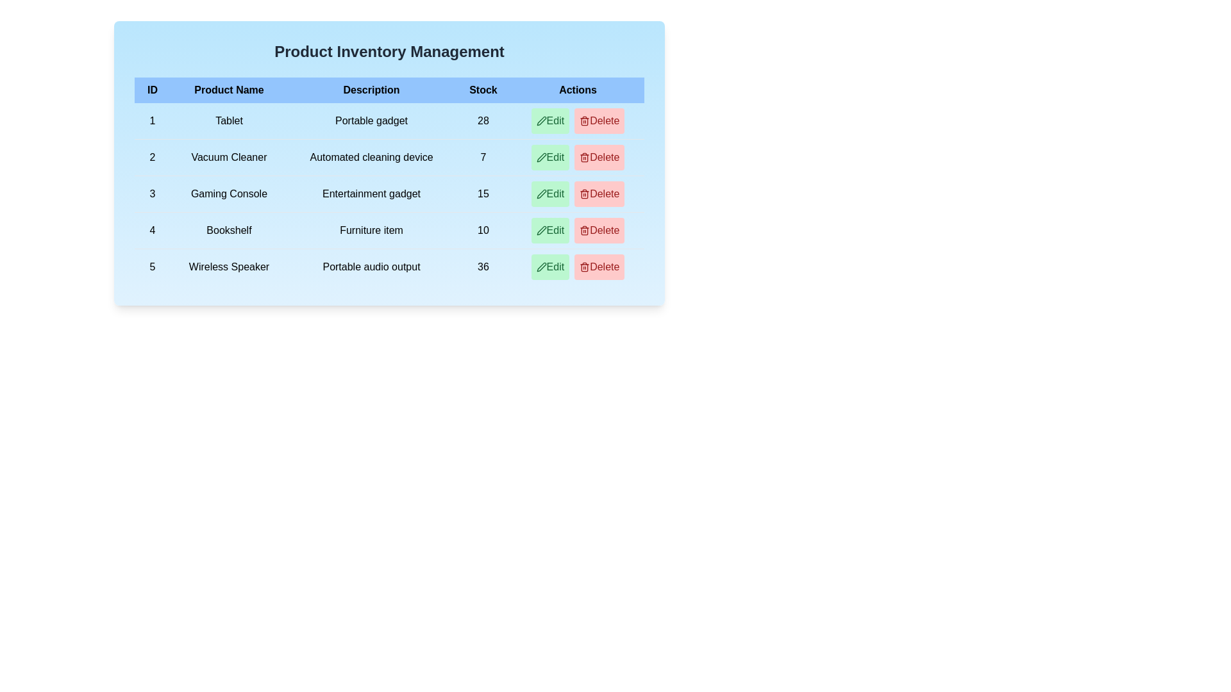  I want to click on the text label displaying 'Portable gadget' in the Description column of the first row of the table, so click(371, 121).